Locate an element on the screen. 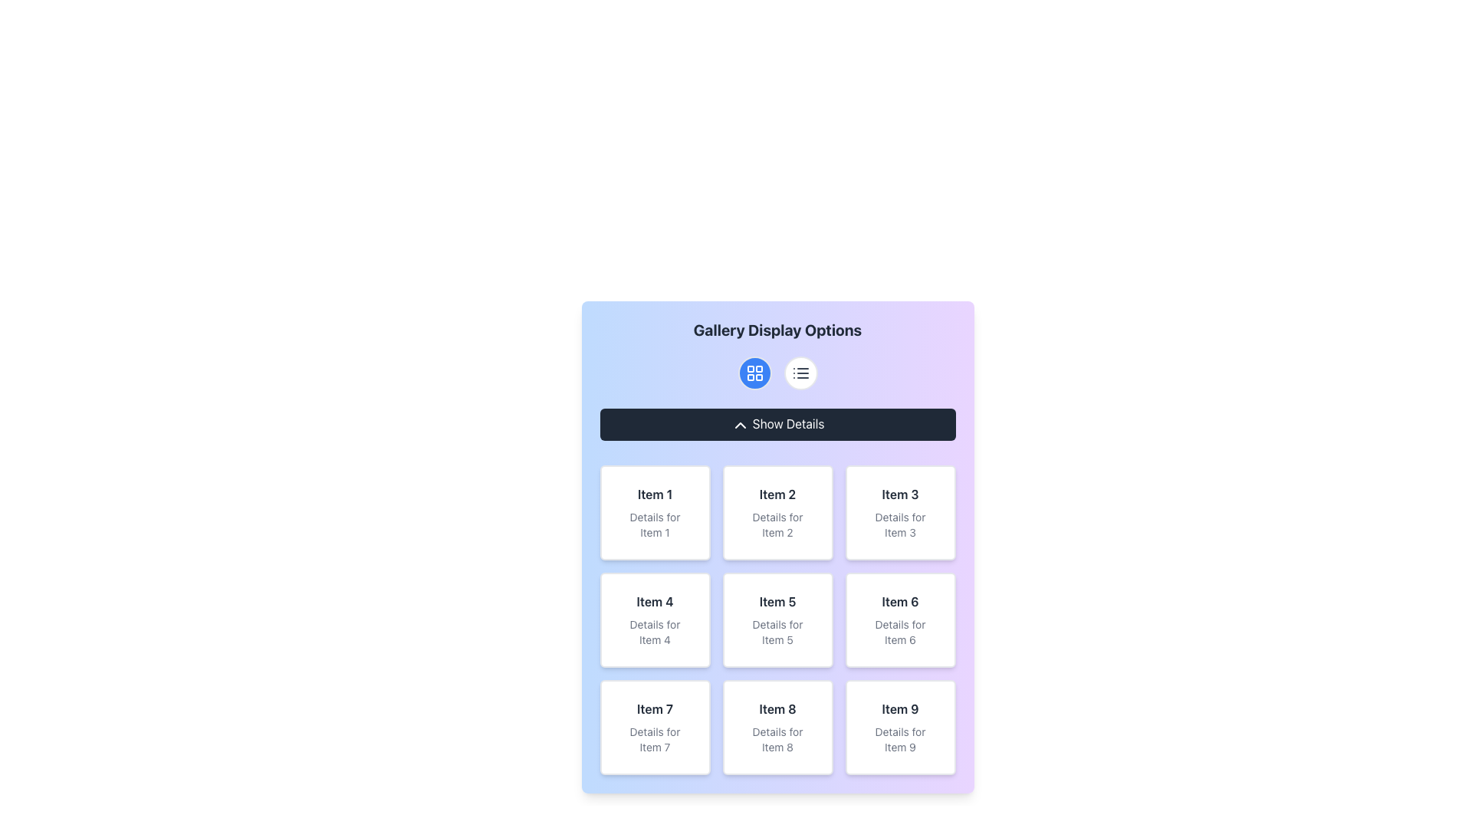  the ninth card in the 3x3 grid layout that displays information about 'Item 9' is located at coordinates (900, 726).